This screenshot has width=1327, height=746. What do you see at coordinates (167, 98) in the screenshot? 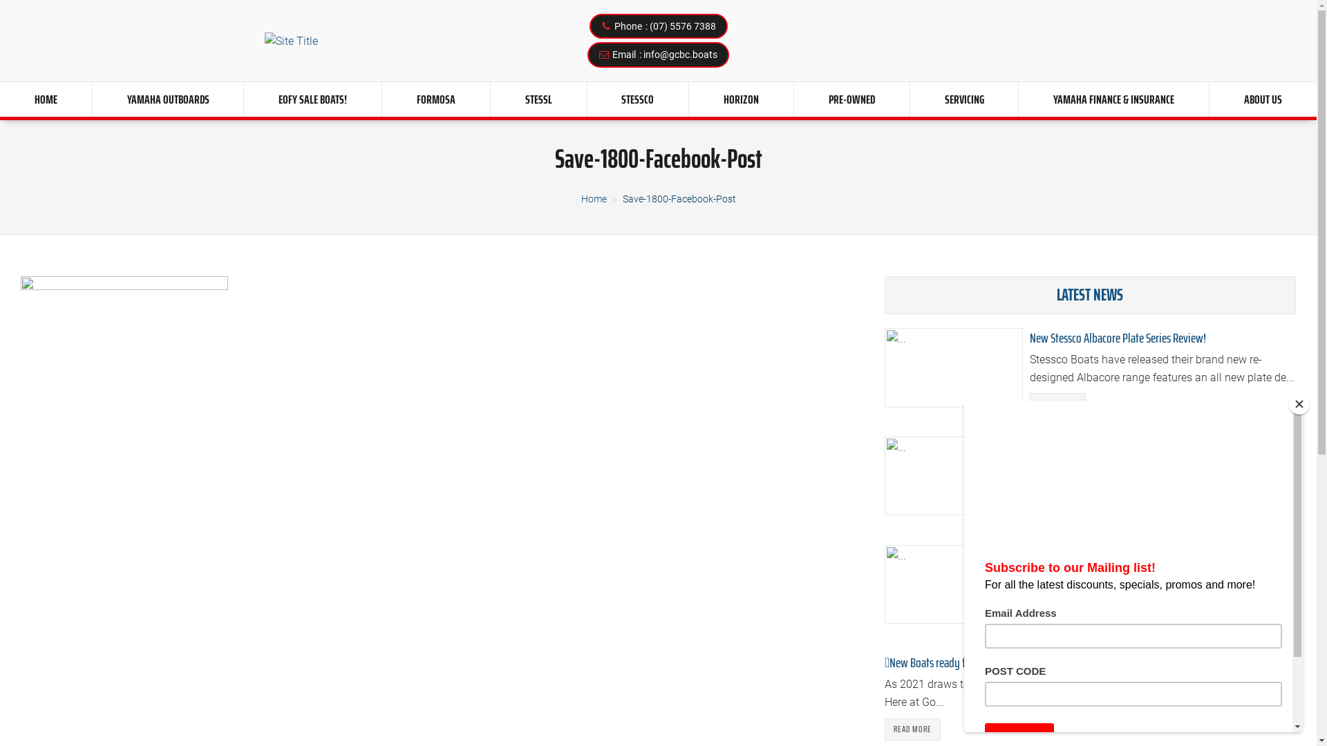
I see `'YAMAHA OUTBOARDS'` at bounding box center [167, 98].